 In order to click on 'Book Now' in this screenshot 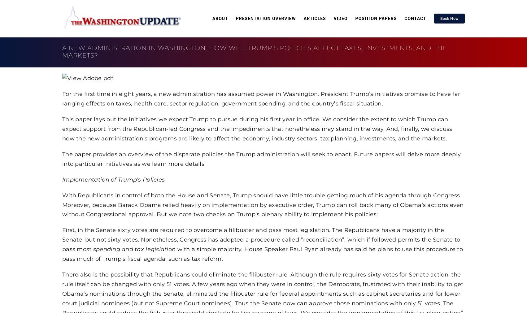, I will do `click(449, 18)`.